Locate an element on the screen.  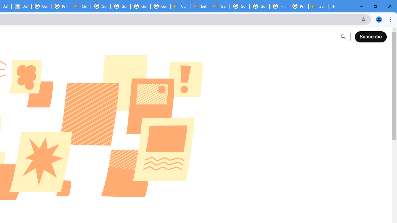
'Subscribe' is located at coordinates (370, 37).